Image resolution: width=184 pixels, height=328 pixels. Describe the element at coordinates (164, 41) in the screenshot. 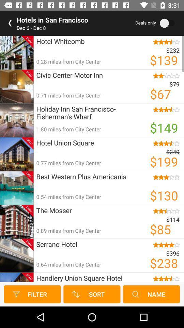

I see `the stars next to hotel whitcomb` at that location.